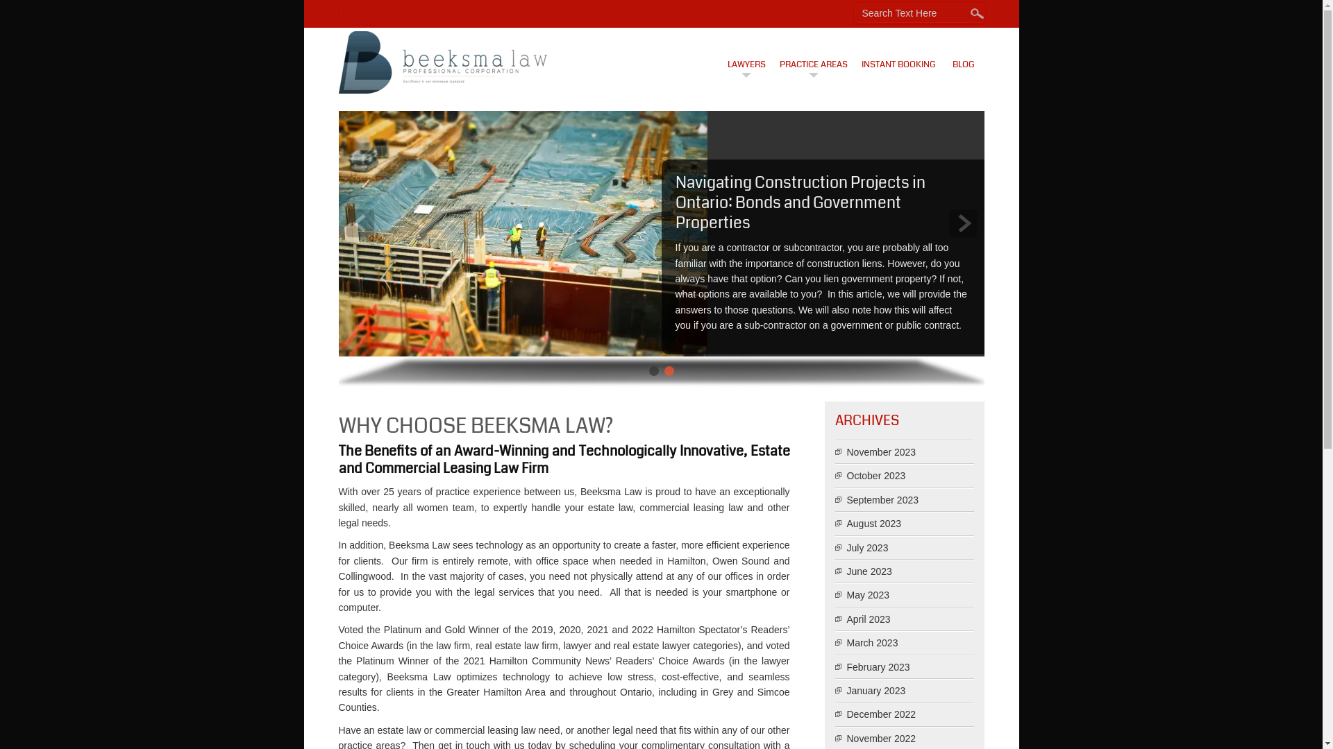  What do you see at coordinates (881, 737) in the screenshot?
I see `'November 2022'` at bounding box center [881, 737].